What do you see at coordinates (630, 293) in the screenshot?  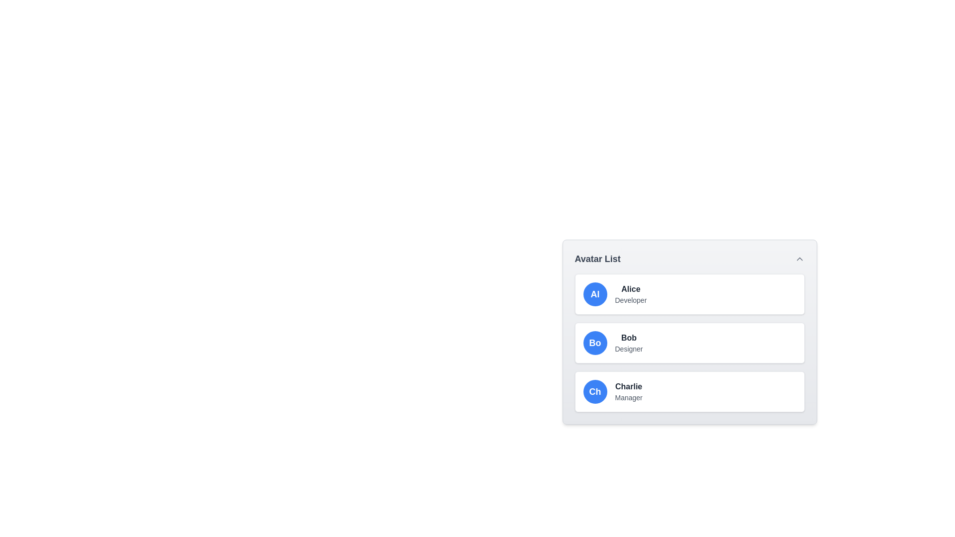 I see `the text display representing the name and profession of a user` at bounding box center [630, 293].